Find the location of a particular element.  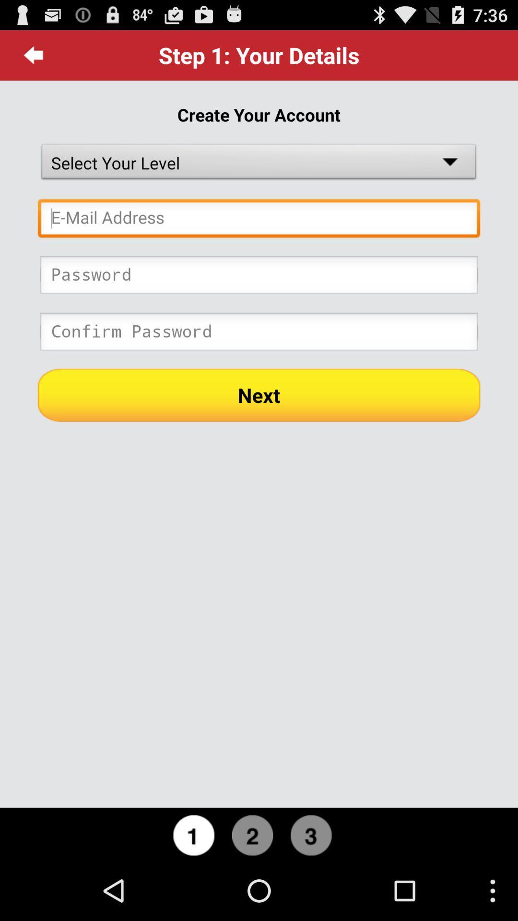

the arrow_backward icon is located at coordinates (33, 59).